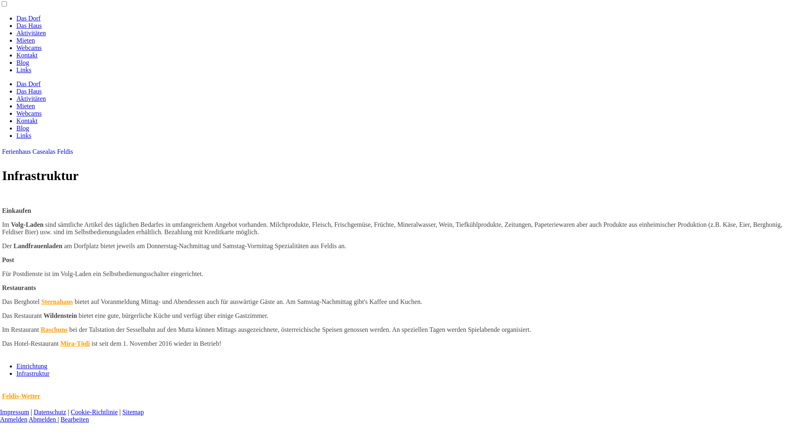 The width and height of the screenshot is (787, 443). Describe the element at coordinates (23, 135) in the screenshot. I see `'Links'` at that location.